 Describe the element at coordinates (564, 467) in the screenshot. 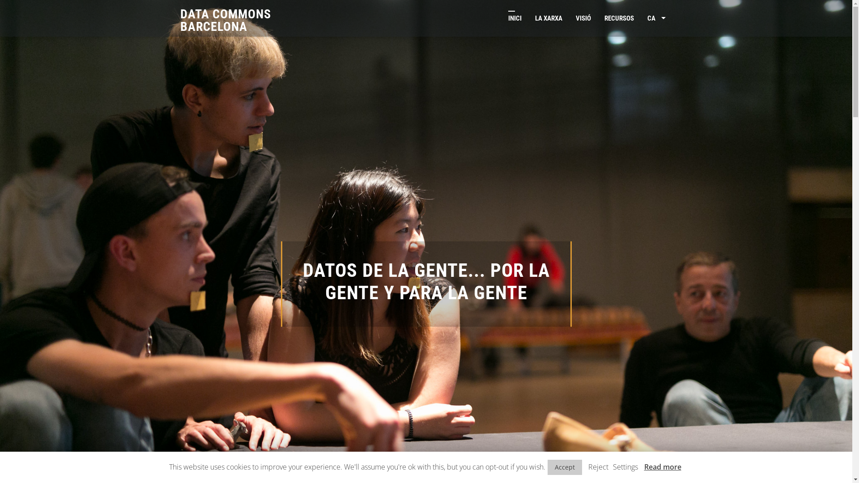

I see `'Accept'` at that location.